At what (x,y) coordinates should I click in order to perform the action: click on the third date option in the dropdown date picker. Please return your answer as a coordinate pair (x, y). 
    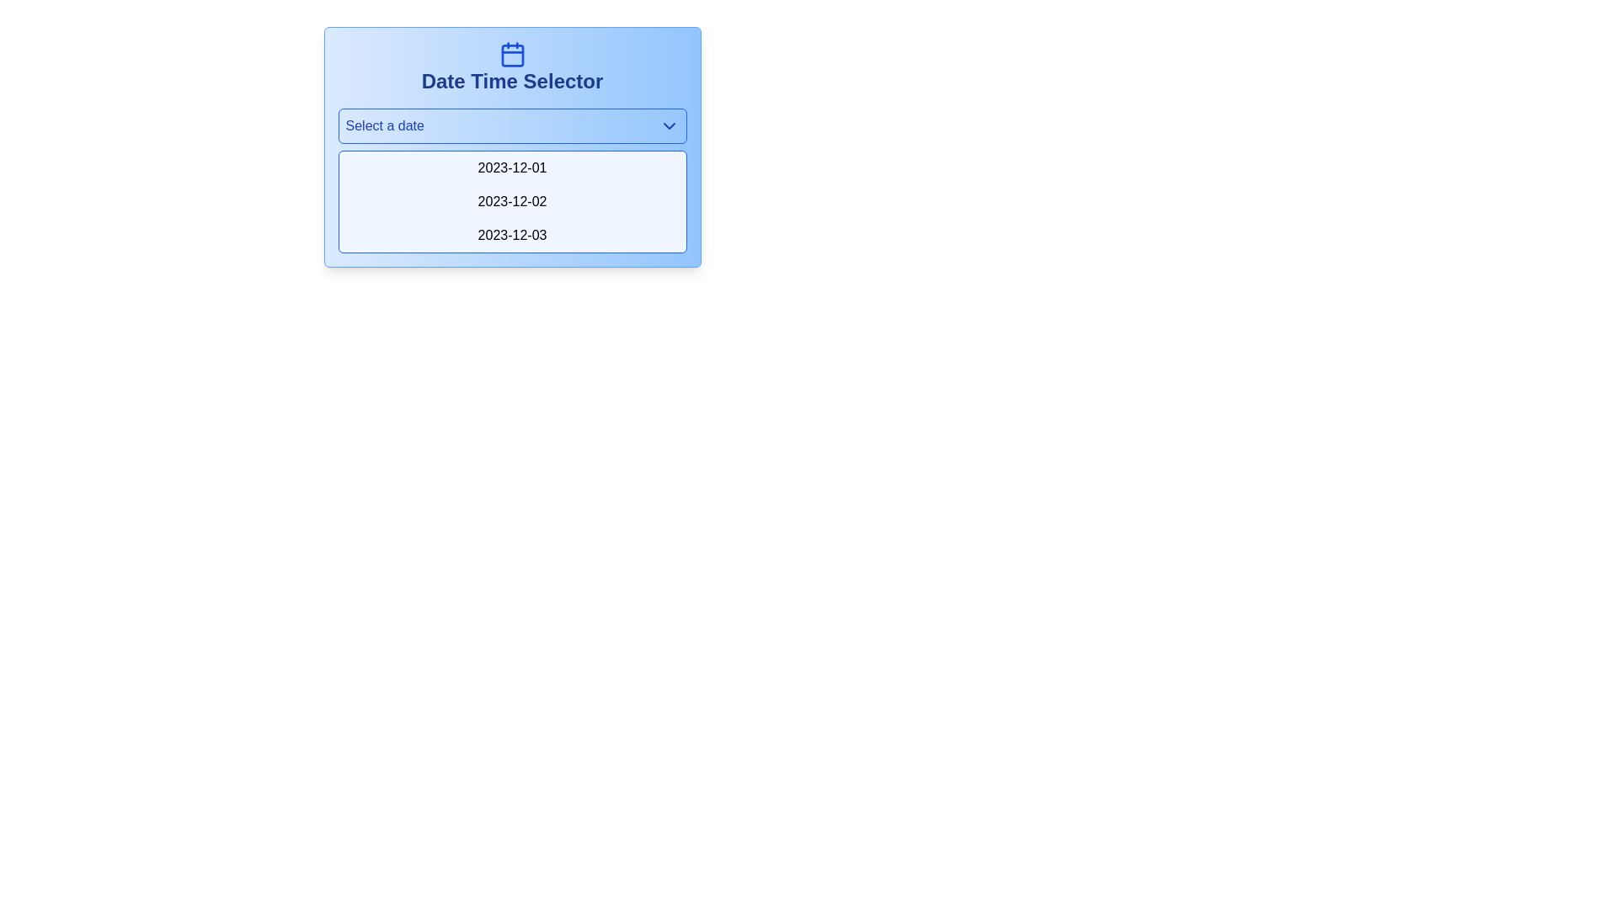
    Looking at the image, I should click on (511, 236).